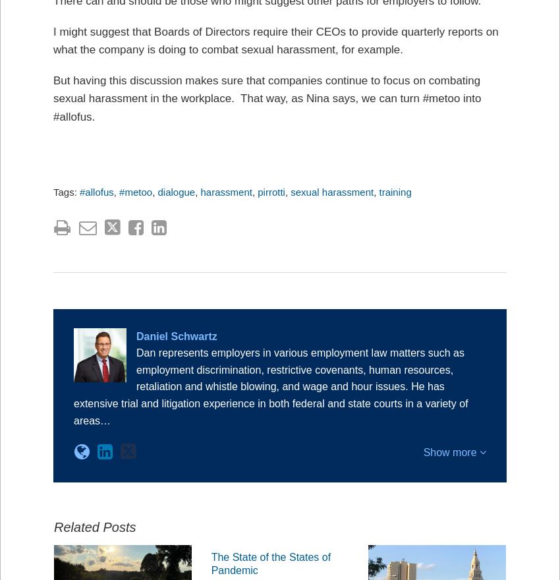 The image size is (560, 580). I want to click on 'Related Posts', so click(94, 527).